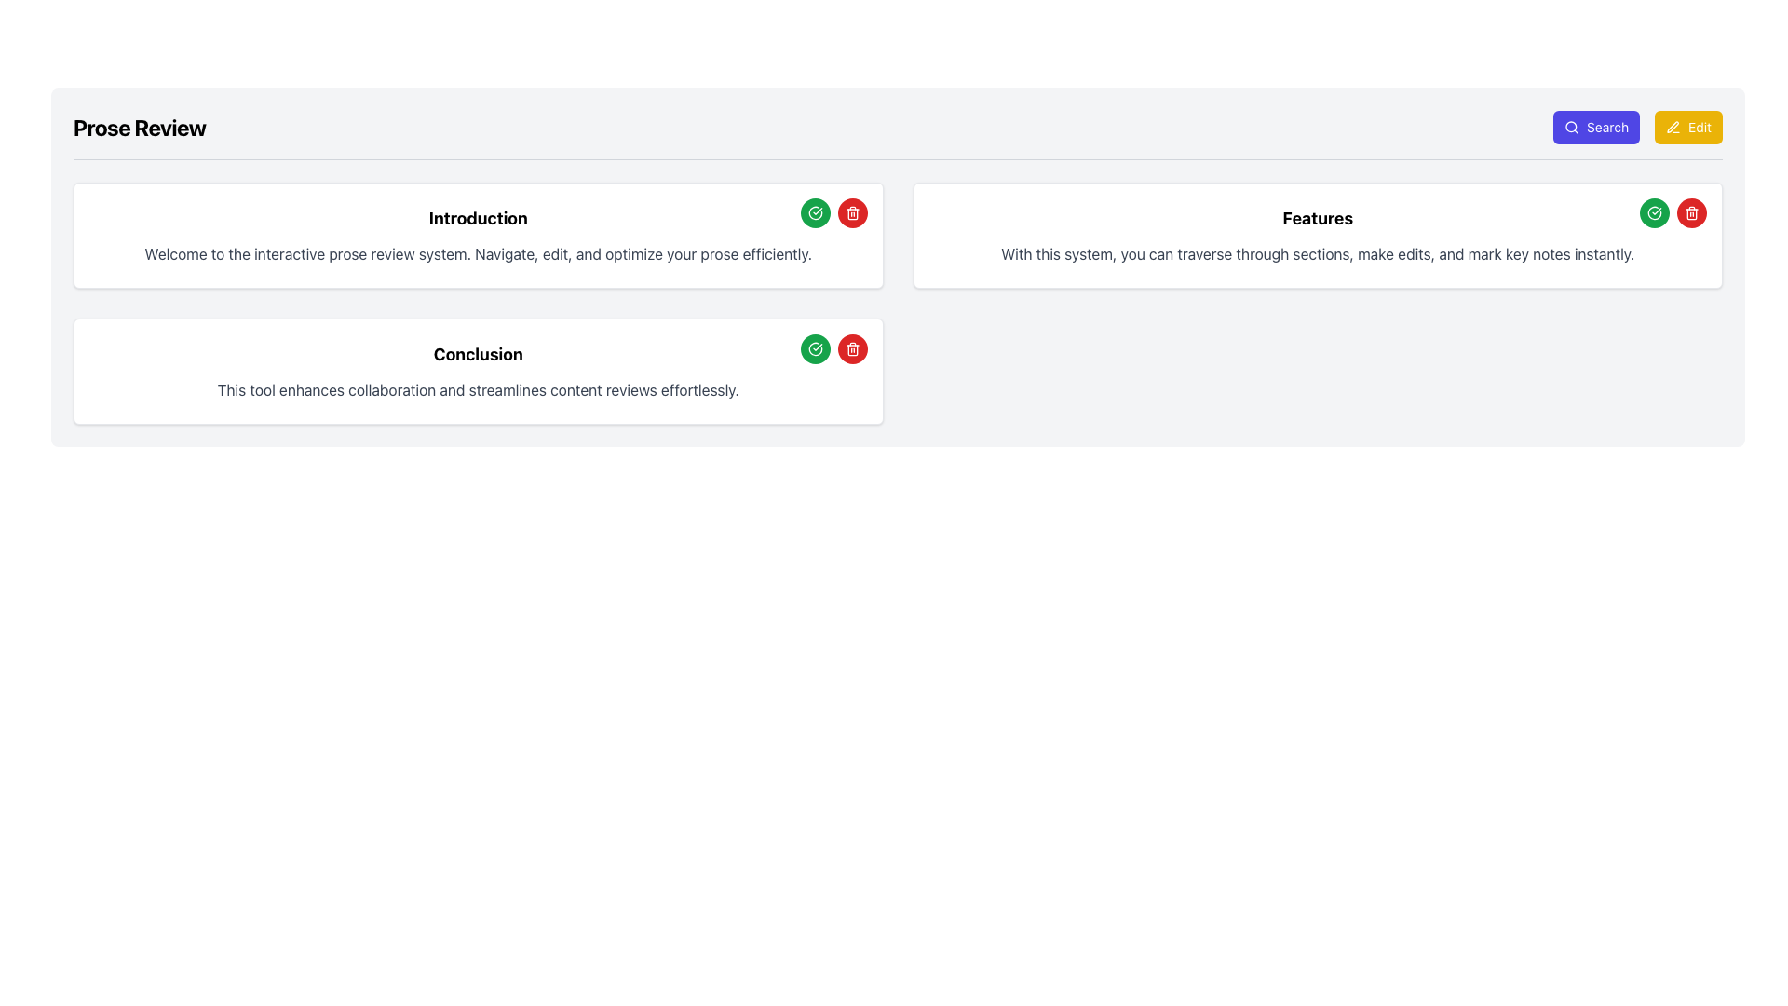 This screenshot has height=1006, width=1788. I want to click on the trash icon element located in the 'Features' section of the application layout, which is part of the bin frame with a rectangular body and protruding top section, so click(1692, 213).